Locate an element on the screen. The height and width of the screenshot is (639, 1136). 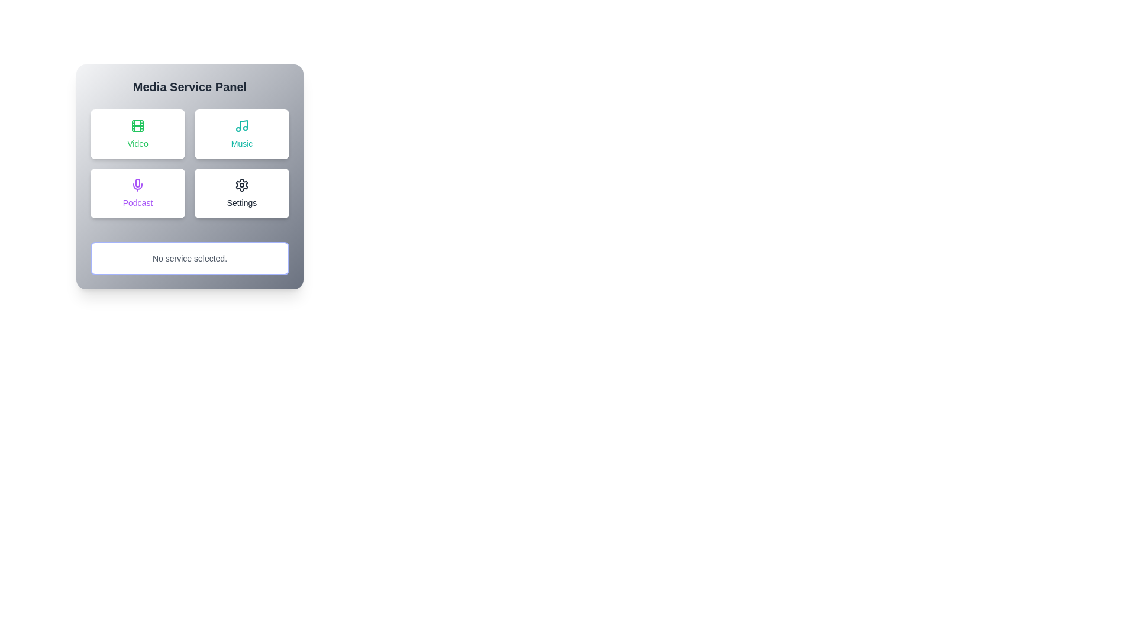
the SVG Rectangle that serves as the decorative part of the 'Video' button in the Media Service Panel, located above the text label 'Video' is located at coordinates (138, 125).